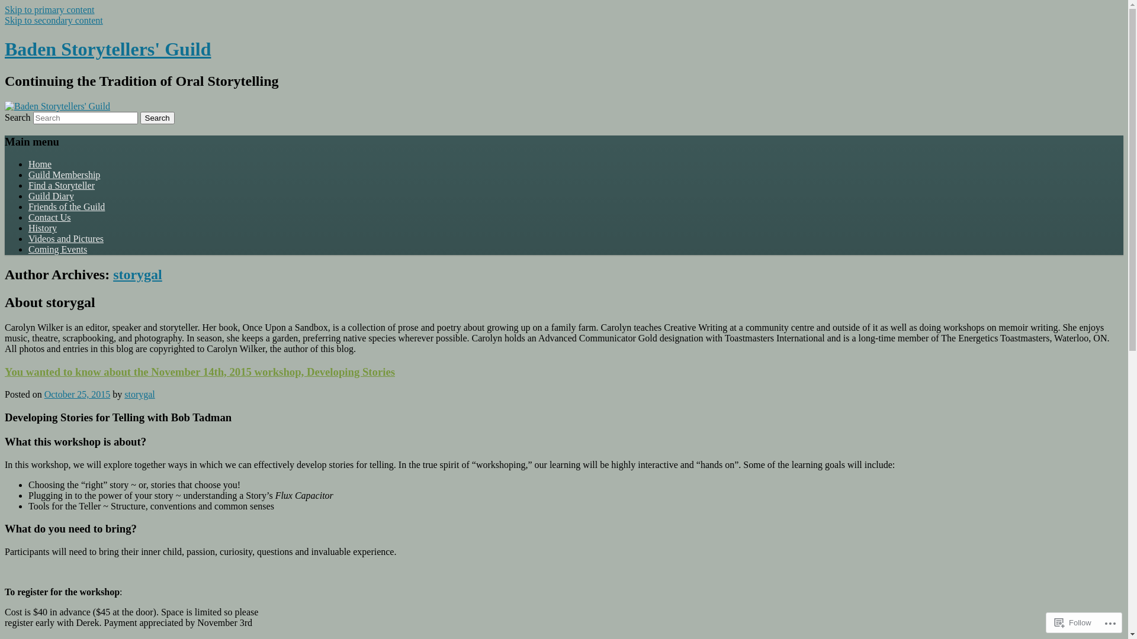  Describe the element at coordinates (66, 206) in the screenshot. I see `'Friends of the Guild'` at that location.